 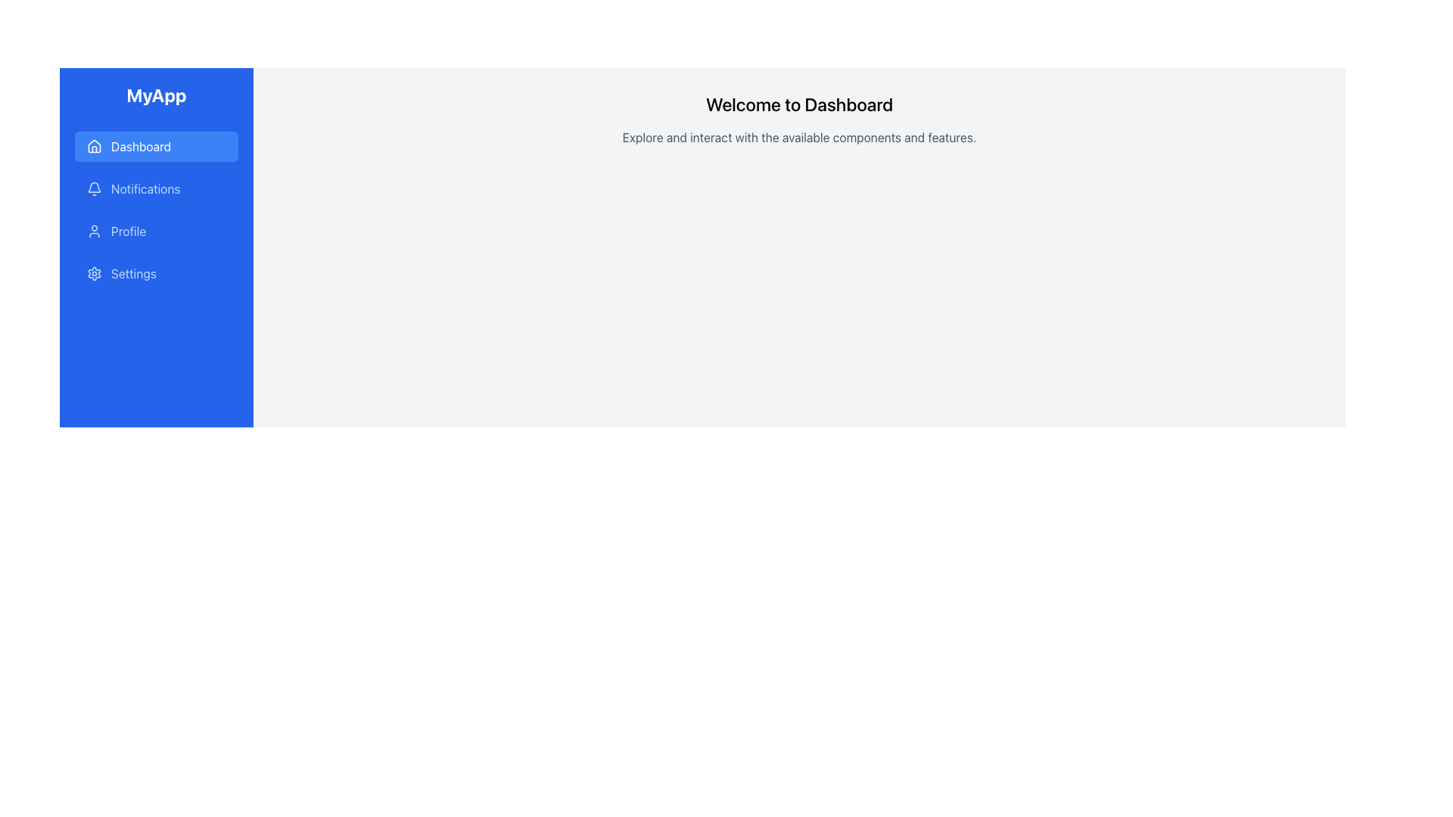 I want to click on the Notifications button located below the Dashboard menu item in the navigation bar, so click(x=156, y=188).